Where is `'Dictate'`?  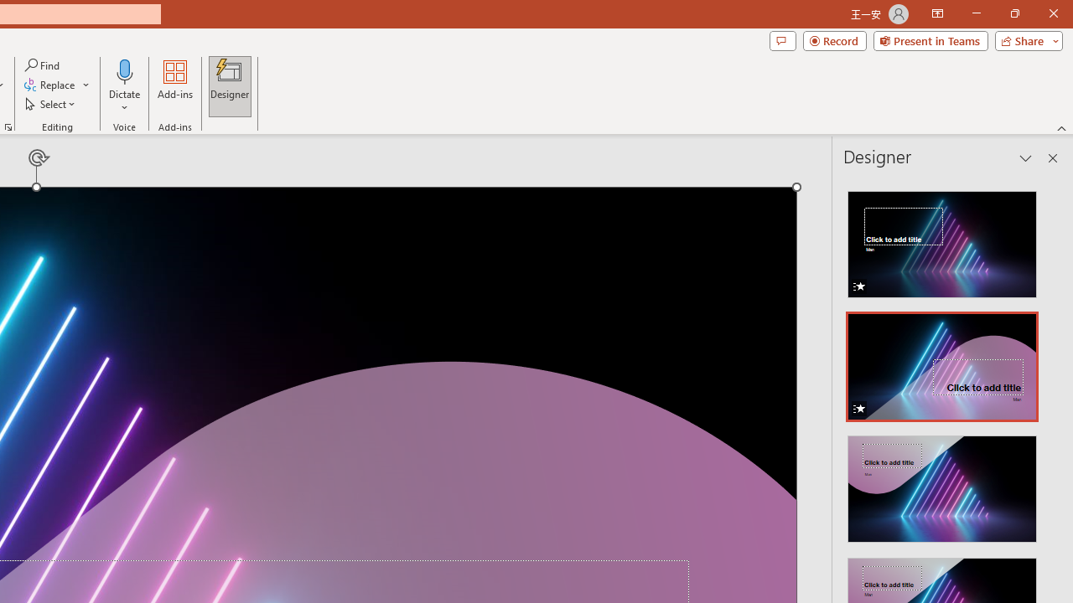 'Dictate' is located at coordinates (124, 86).